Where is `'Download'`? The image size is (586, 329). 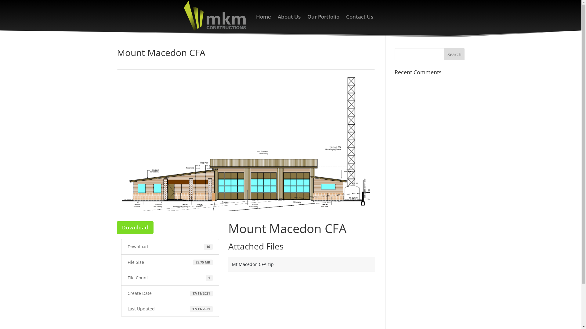
'Download' is located at coordinates (134, 228).